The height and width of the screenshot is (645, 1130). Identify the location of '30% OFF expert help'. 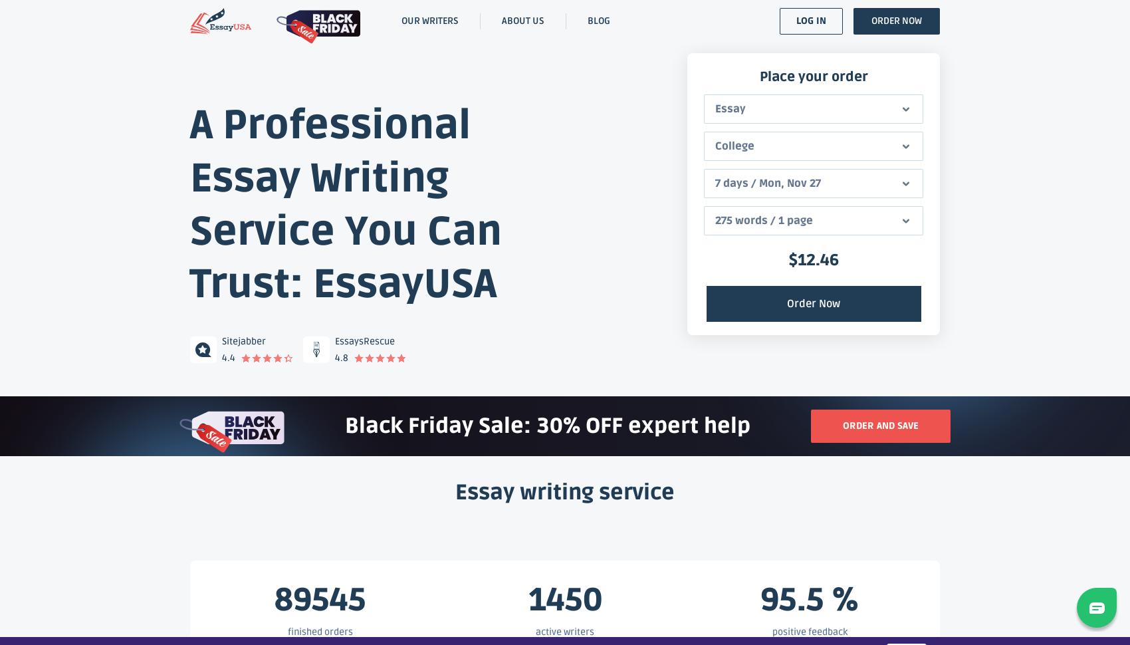
(640, 425).